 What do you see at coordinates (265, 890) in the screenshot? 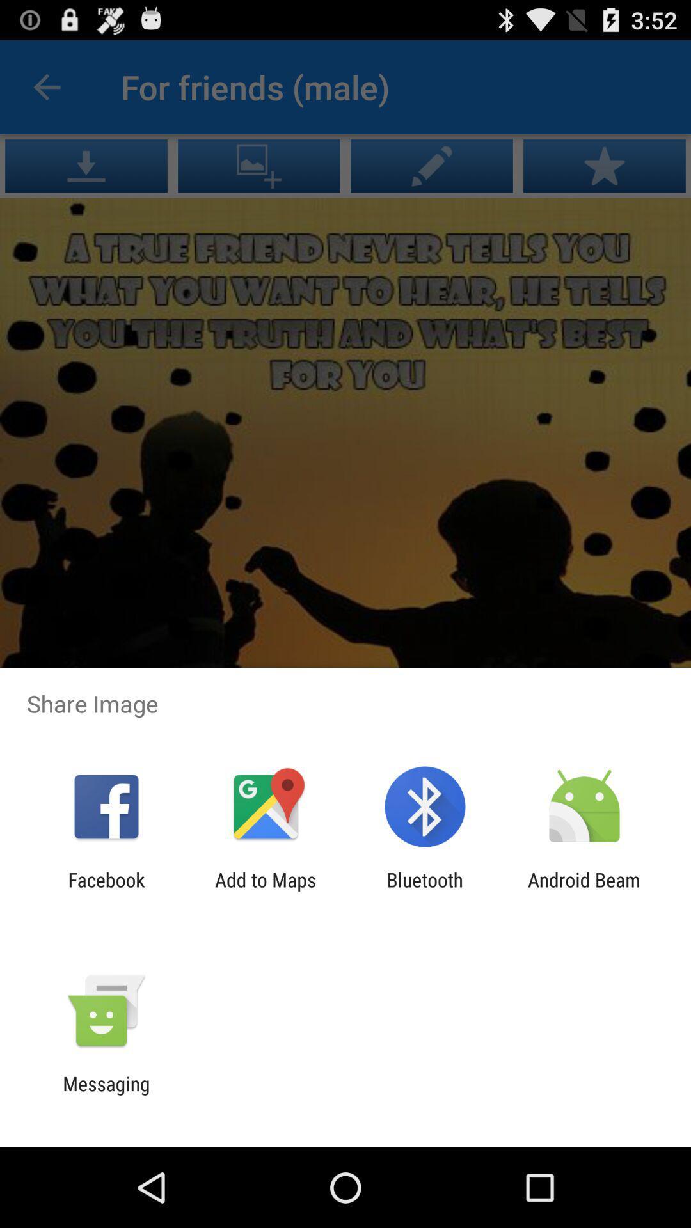
I see `icon to the right of facebook` at bounding box center [265, 890].